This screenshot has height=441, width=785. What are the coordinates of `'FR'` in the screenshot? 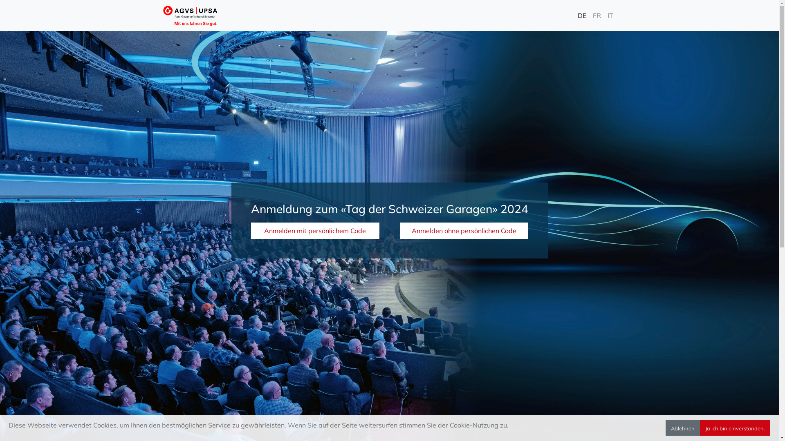 It's located at (597, 16).